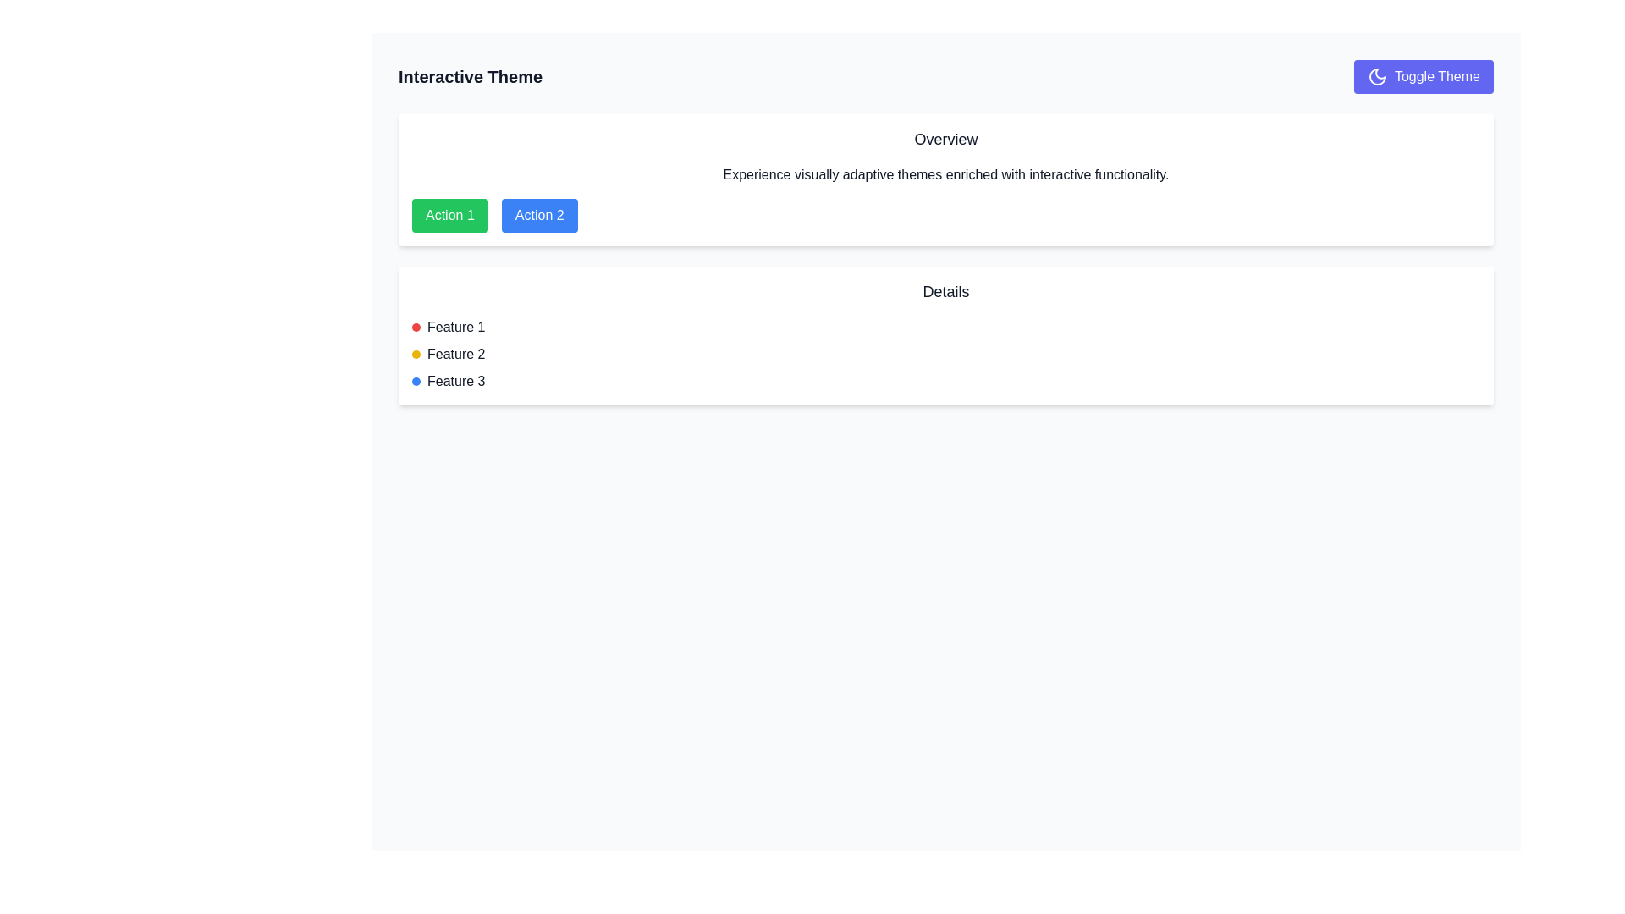 The image size is (1625, 914). I want to click on the theme toggle button located in the top-right corner of the UI, next to the 'Interactive Theme' title, to switch between light and dark modes, so click(1423, 77).